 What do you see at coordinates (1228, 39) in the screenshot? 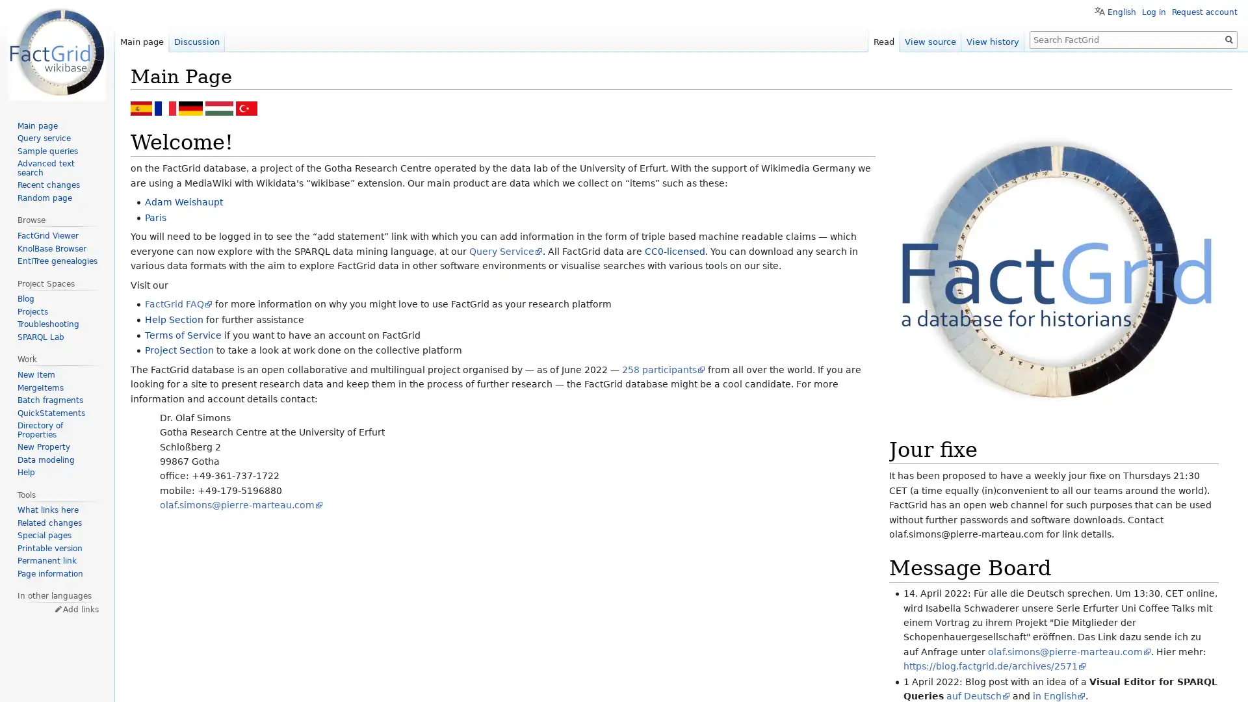
I see `Search` at bounding box center [1228, 39].